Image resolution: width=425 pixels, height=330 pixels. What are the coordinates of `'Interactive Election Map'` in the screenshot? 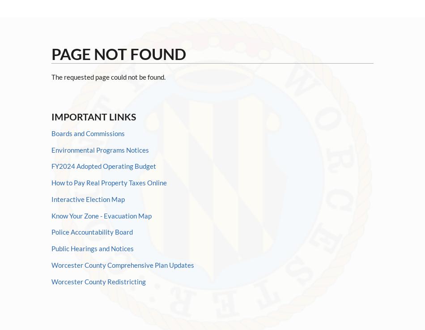 It's located at (51, 198).